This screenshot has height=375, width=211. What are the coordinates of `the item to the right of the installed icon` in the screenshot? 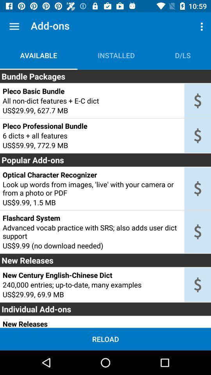 It's located at (183, 55).